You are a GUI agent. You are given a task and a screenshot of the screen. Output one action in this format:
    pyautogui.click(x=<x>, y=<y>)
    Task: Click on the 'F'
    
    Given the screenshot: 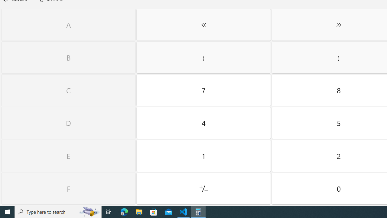 What is the action you would take?
    pyautogui.click(x=68, y=188)
    